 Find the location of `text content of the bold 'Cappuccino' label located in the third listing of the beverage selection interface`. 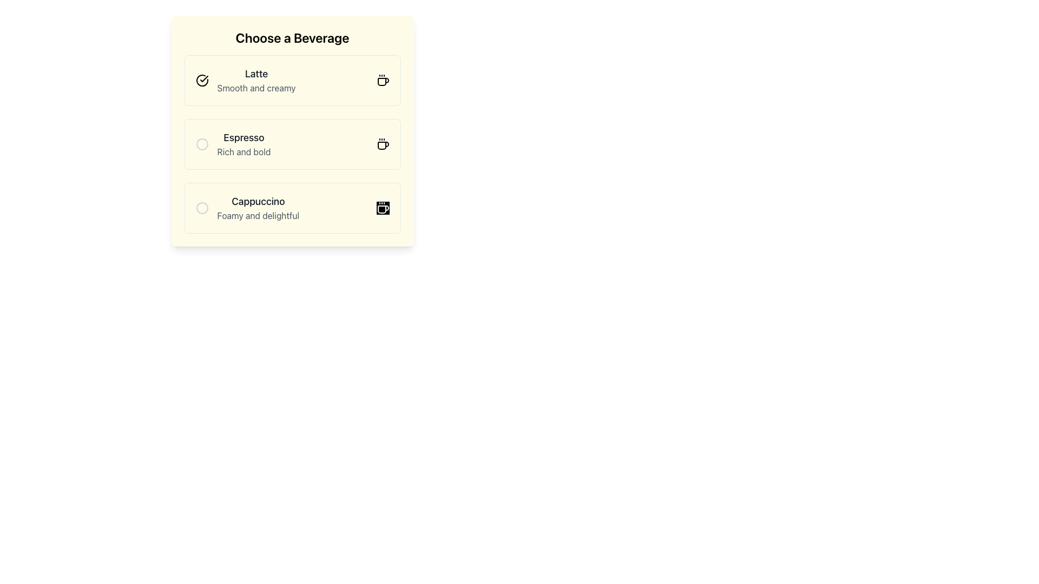

text content of the bold 'Cappuccino' label located in the third listing of the beverage selection interface is located at coordinates (258, 202).